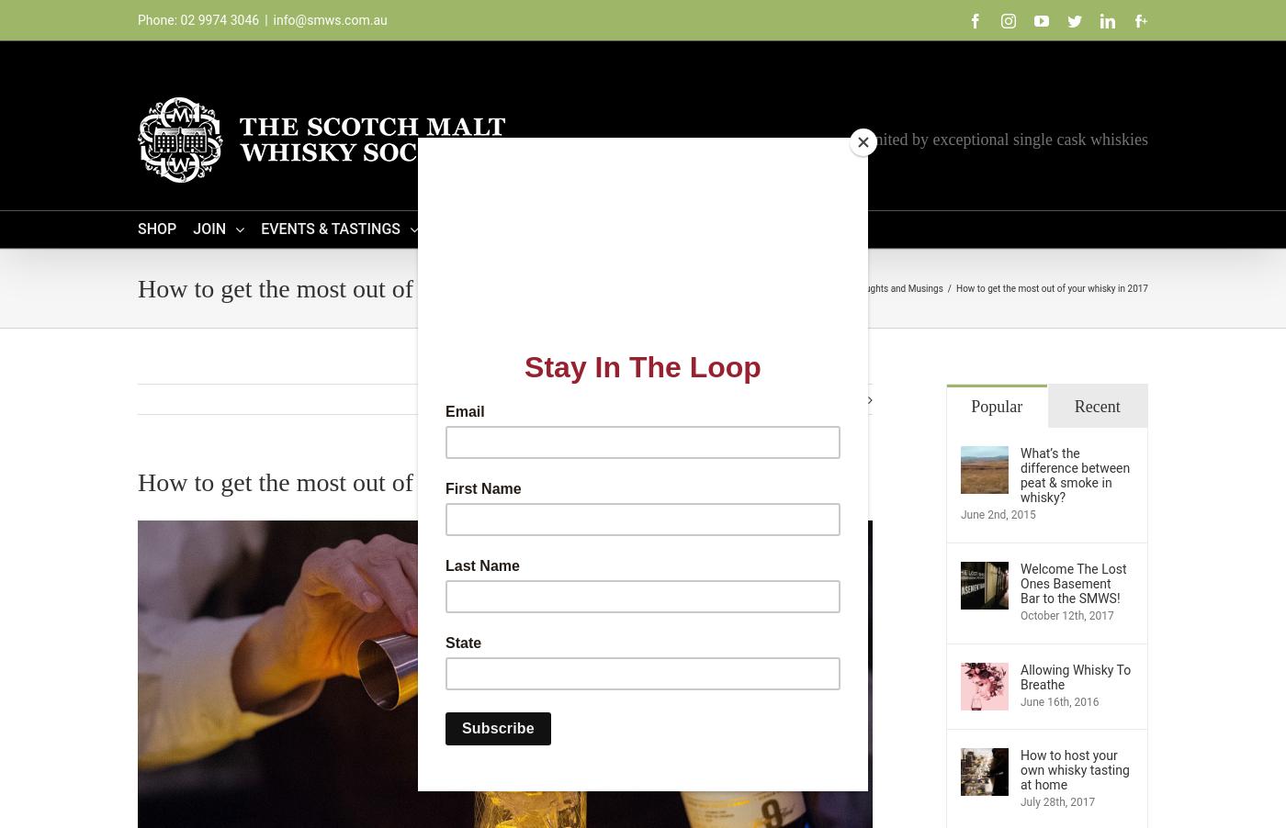  Describe the element at coordinates (1021, 699) in the screenshot. I see `'June 16th, 2016'` at that location.